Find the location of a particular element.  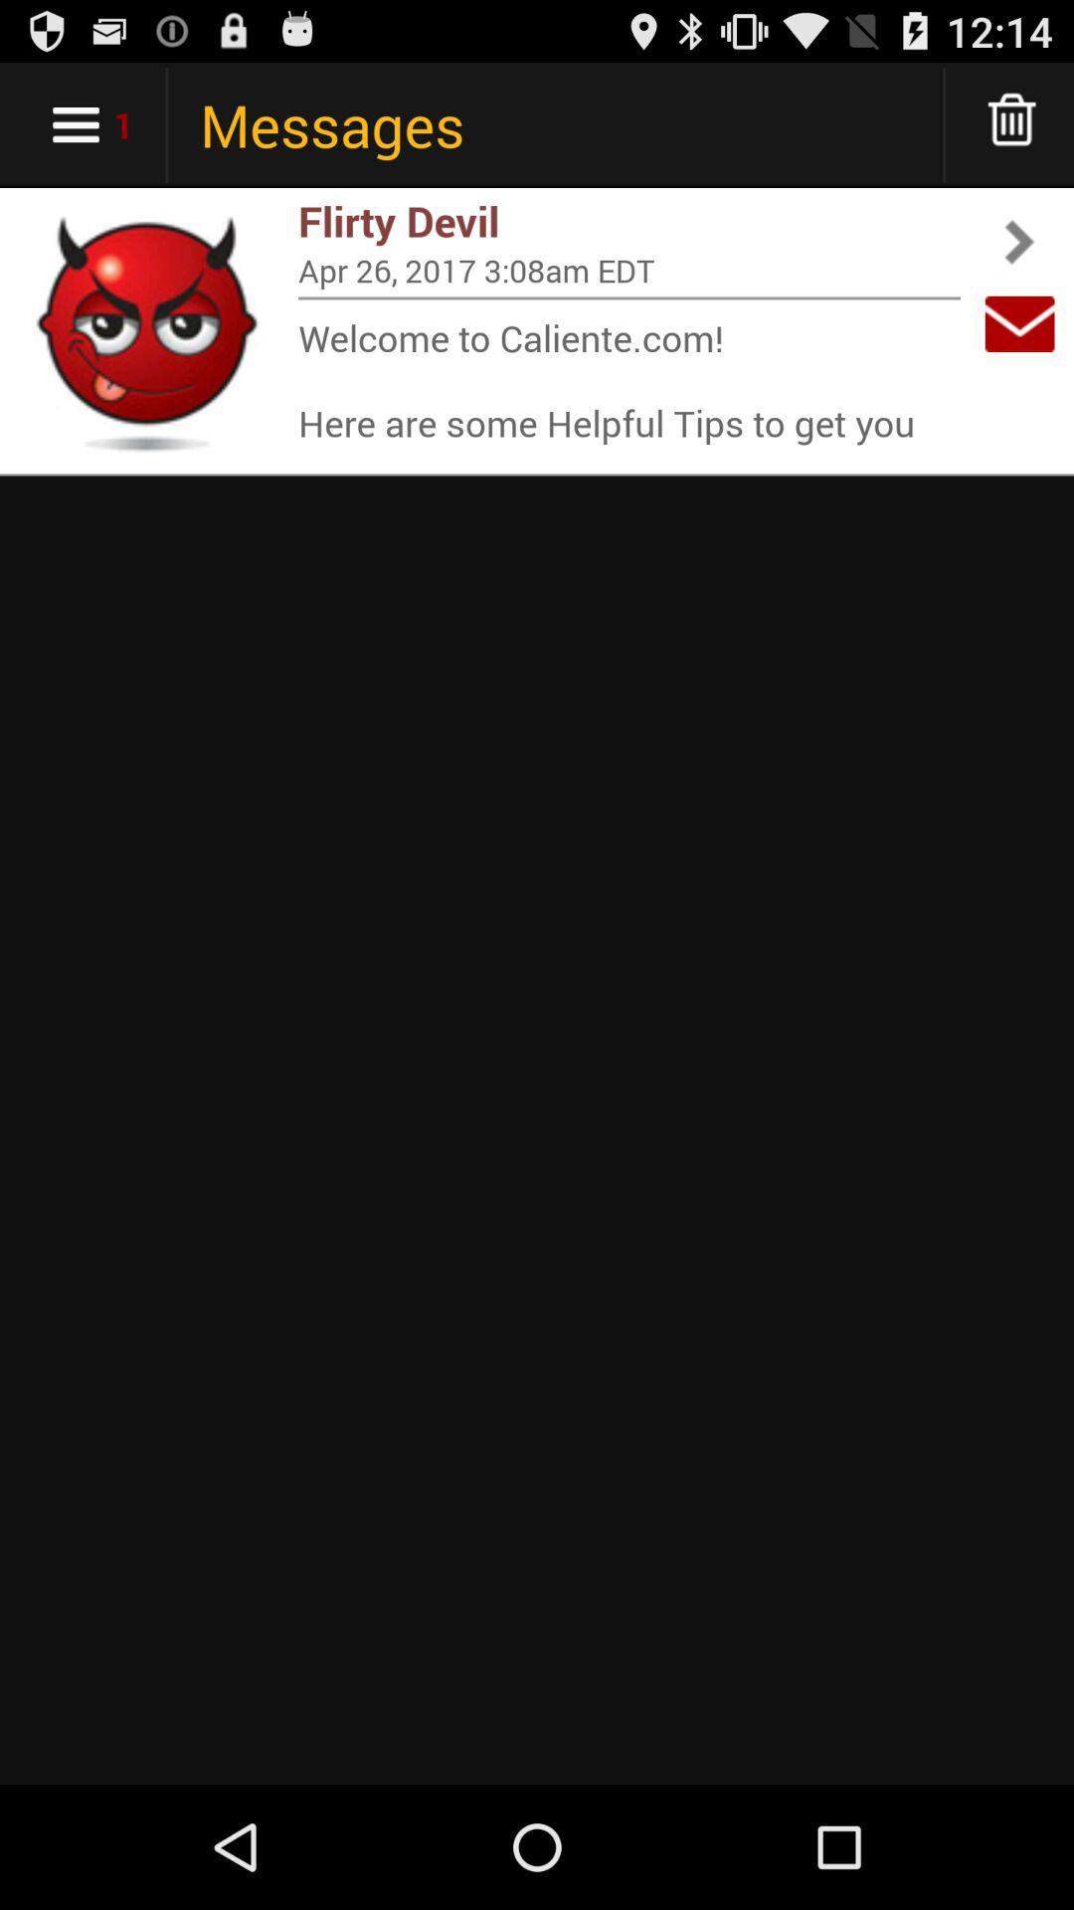

the welcome to caliente item is located at coordinates (628, 379).